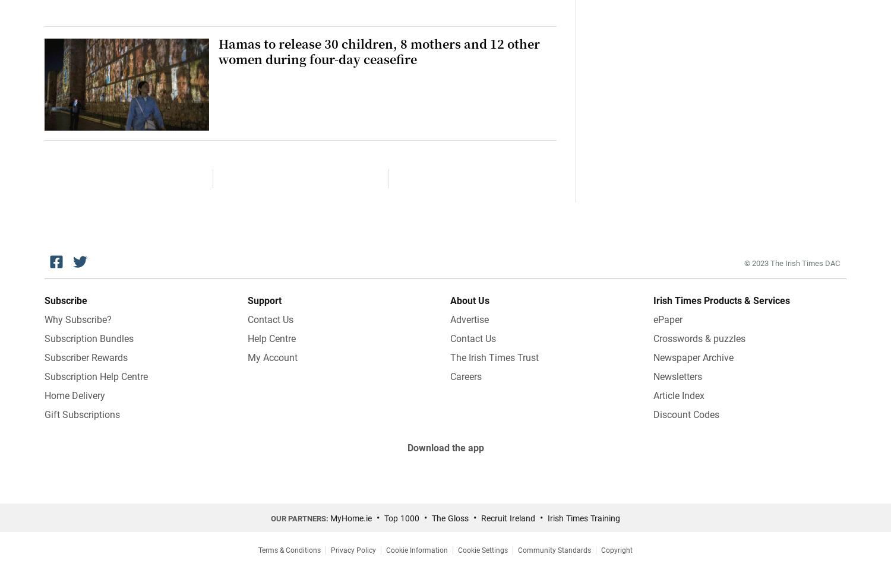 The image size is (891, 573). I want to click on 'Recruit Ireland', so click(507, 517).